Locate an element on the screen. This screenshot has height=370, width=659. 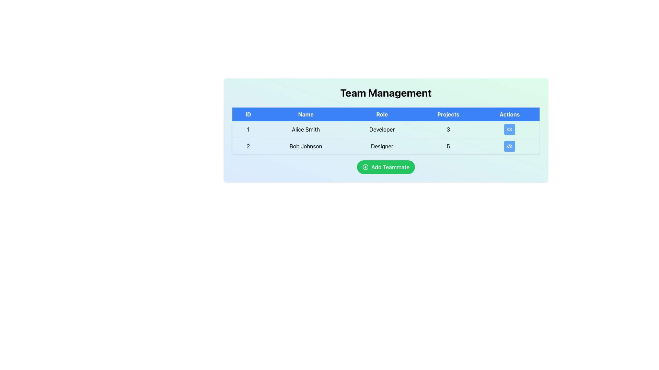
the Icon Button in the 'Actions' column of the first row is located at coordinates (510, 129).